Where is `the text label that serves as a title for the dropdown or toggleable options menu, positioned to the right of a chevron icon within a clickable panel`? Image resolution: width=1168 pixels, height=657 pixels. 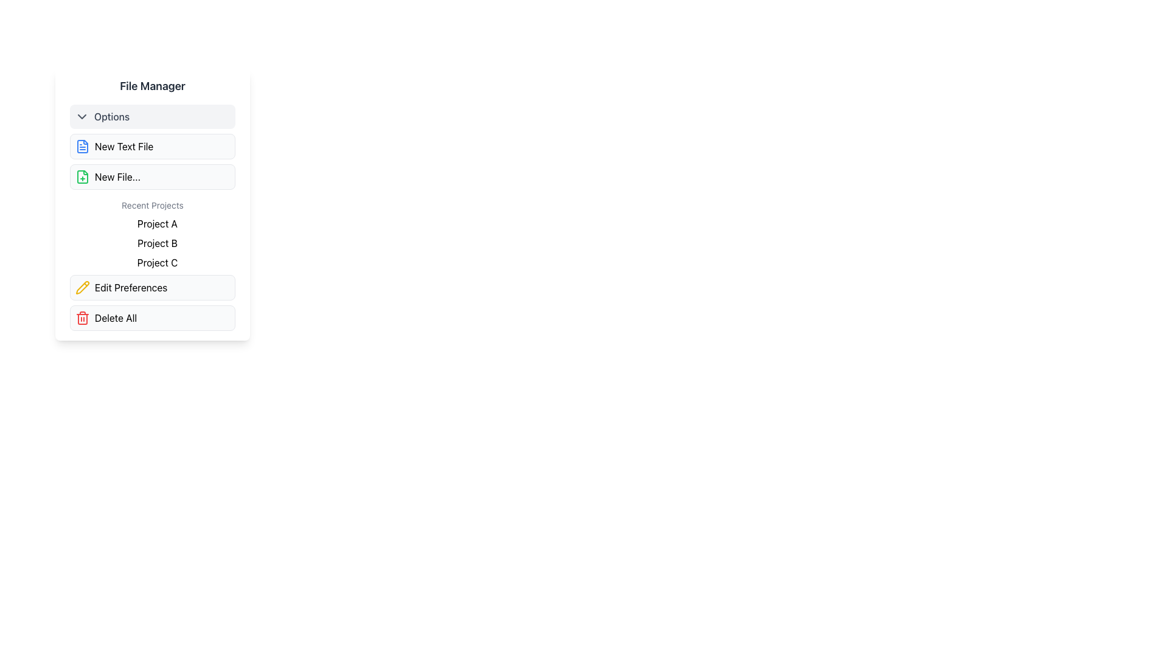 the text label that serves as a title for the dropdown or toggleable options menu, positioned to the right of a chevron icon within a clickable panel is located at coordinates (112, 117).